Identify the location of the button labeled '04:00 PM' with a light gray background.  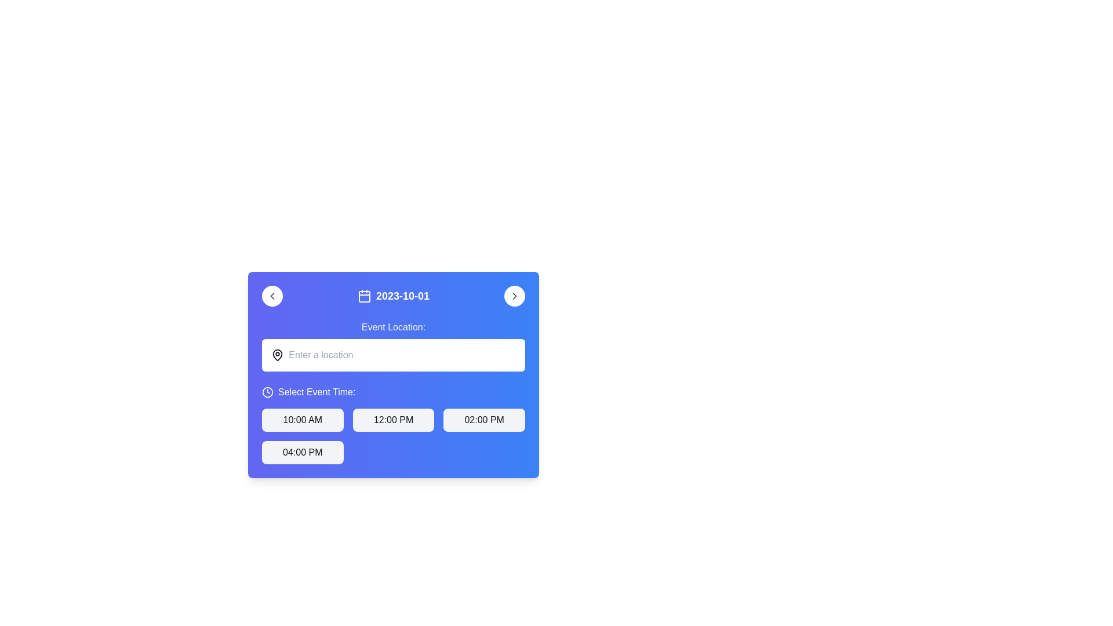
(303, 452).